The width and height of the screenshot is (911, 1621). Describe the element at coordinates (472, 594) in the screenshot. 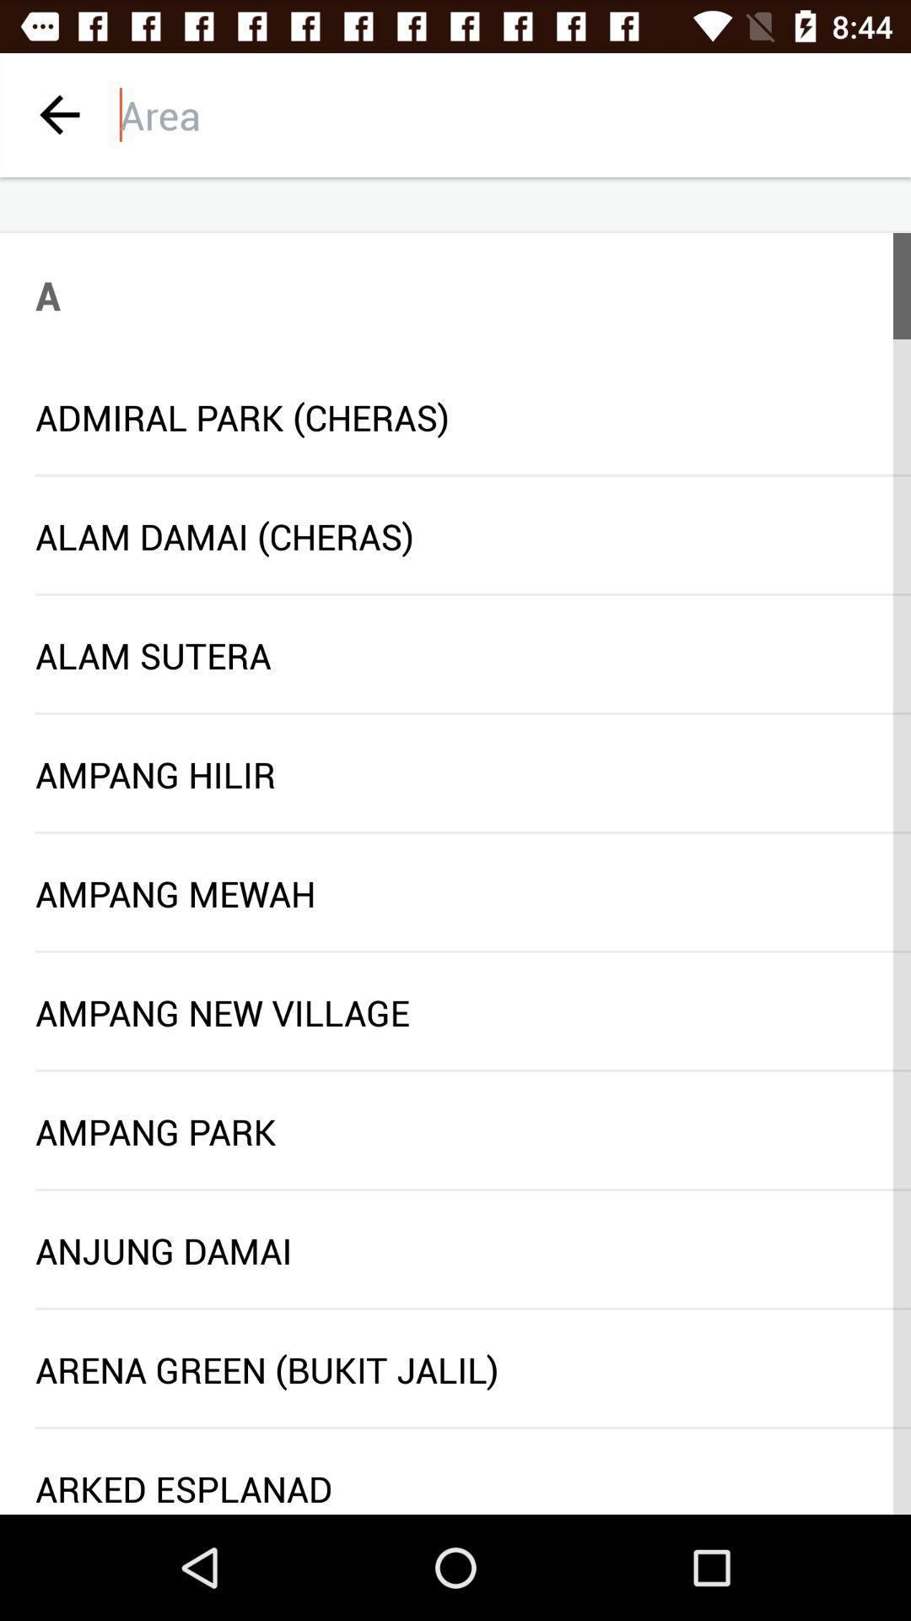

I see `item below the alam damai (cheras) item` at that location.